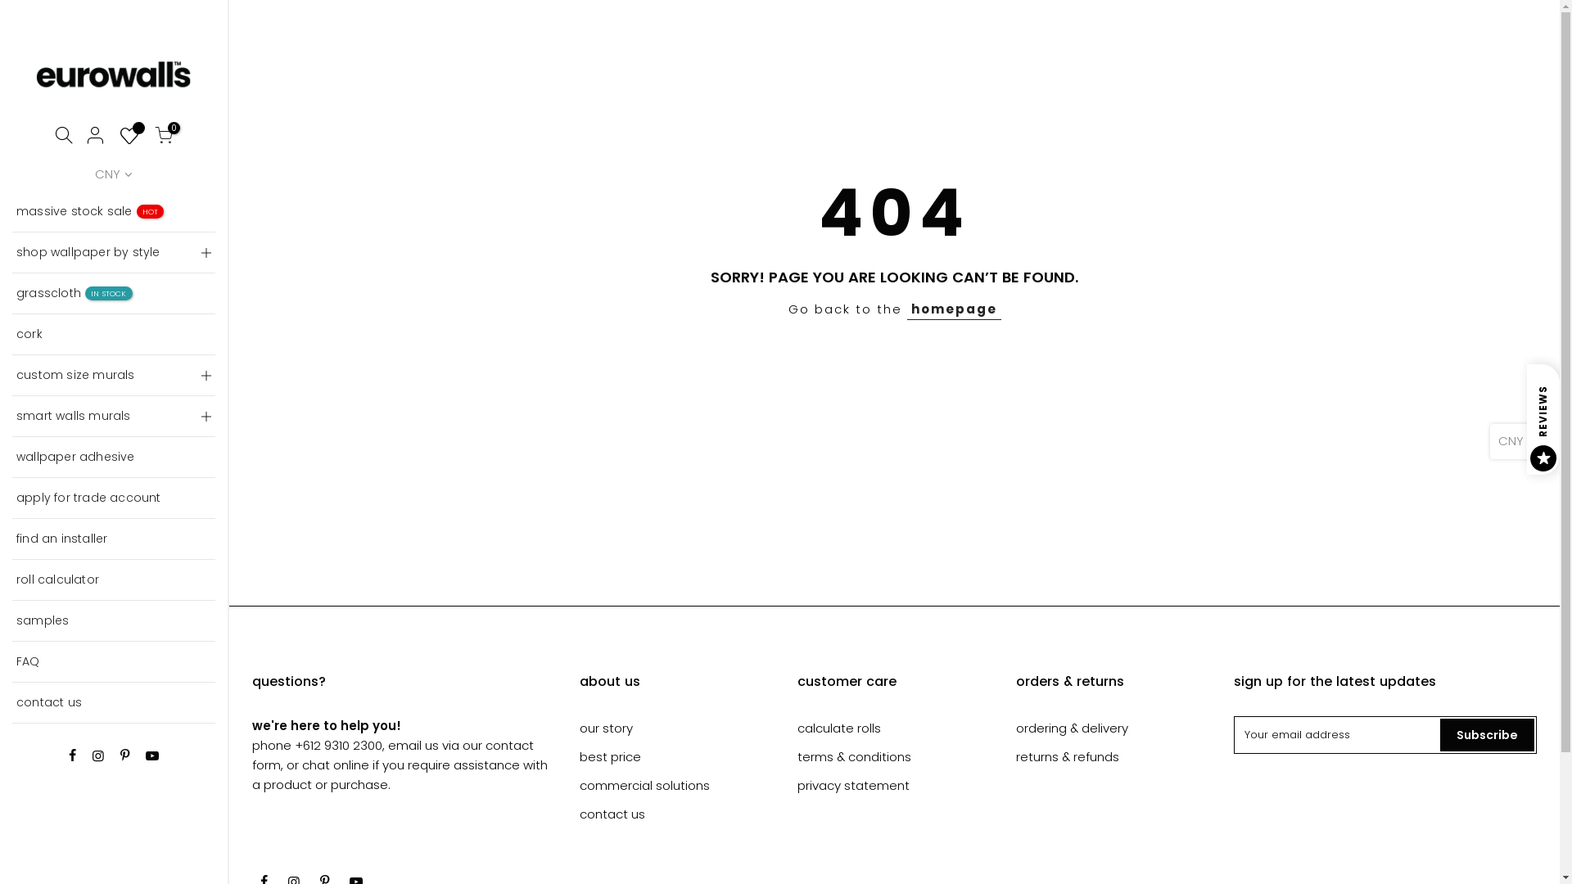 Image resolution: width=1572 pixels, height=884 pixels. Describe the element at coordinates (852, 784) in the screenshot. I see `'privacy statement'` at that location.